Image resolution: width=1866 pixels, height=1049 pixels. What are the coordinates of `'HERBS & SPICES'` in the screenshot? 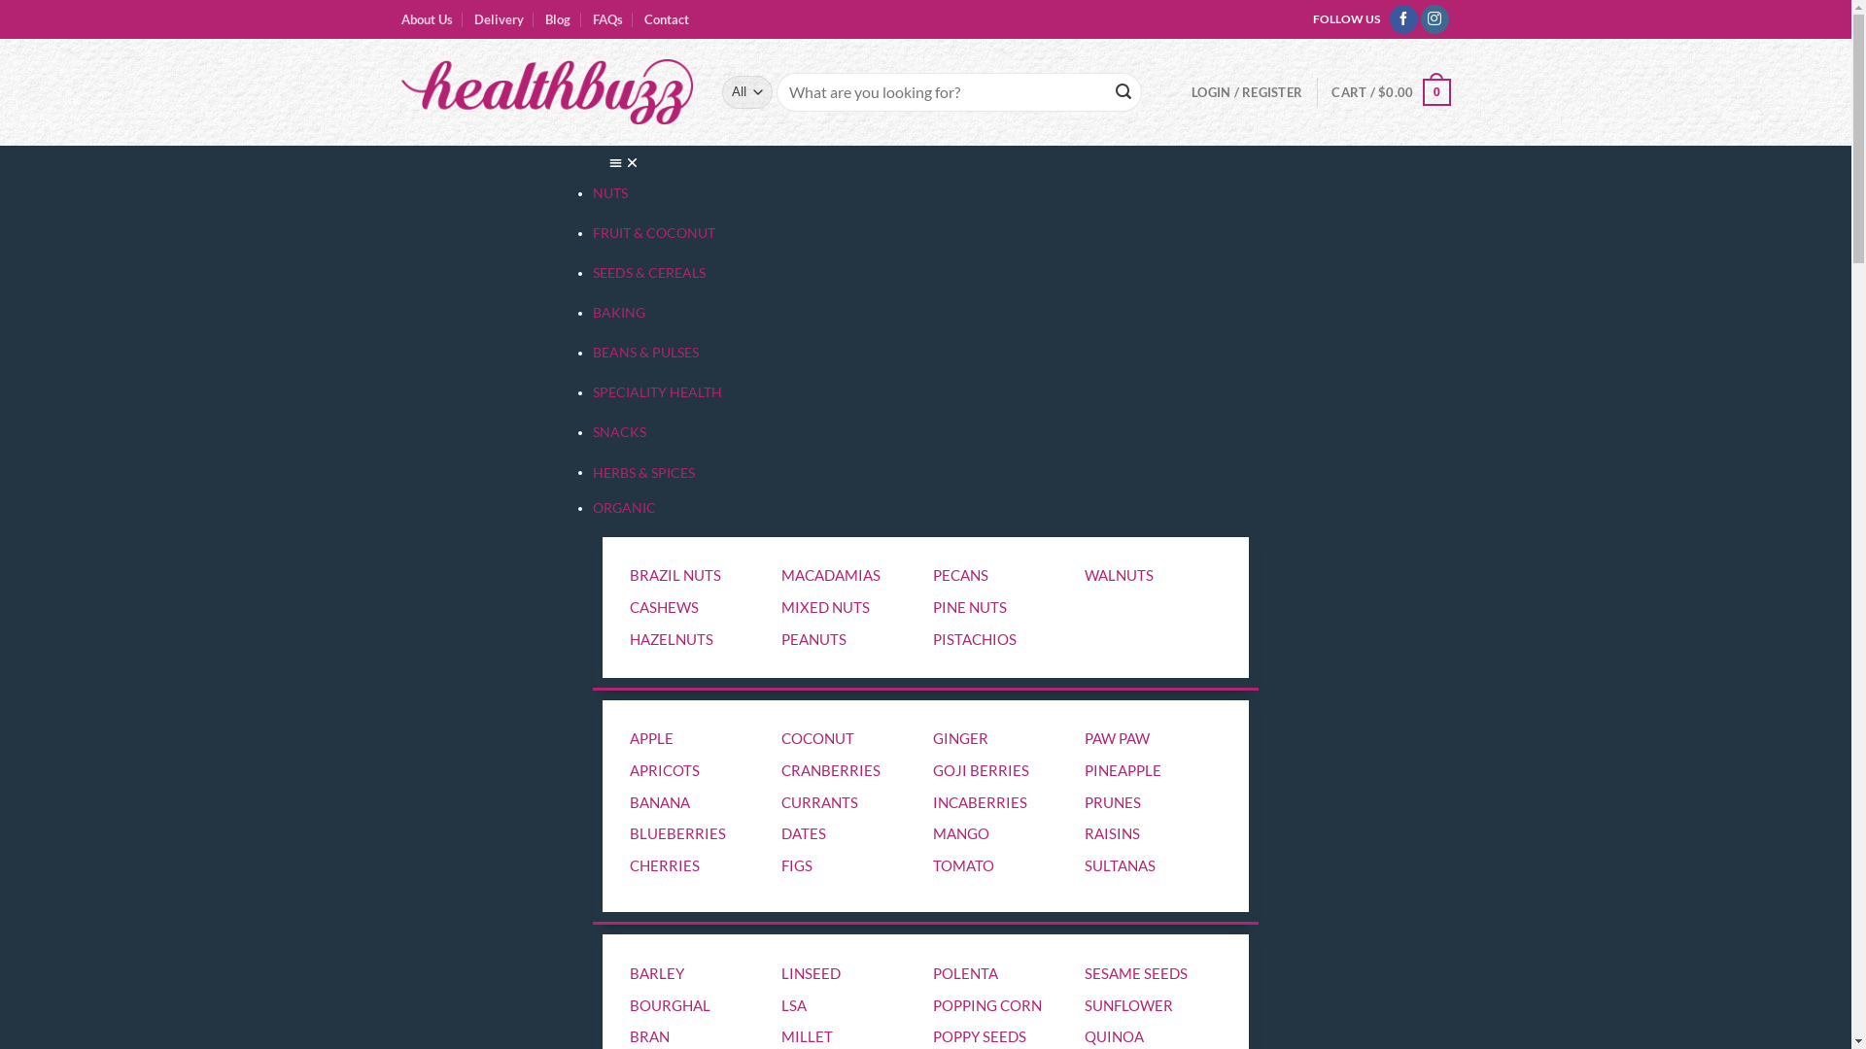 It's located at (644, 472).